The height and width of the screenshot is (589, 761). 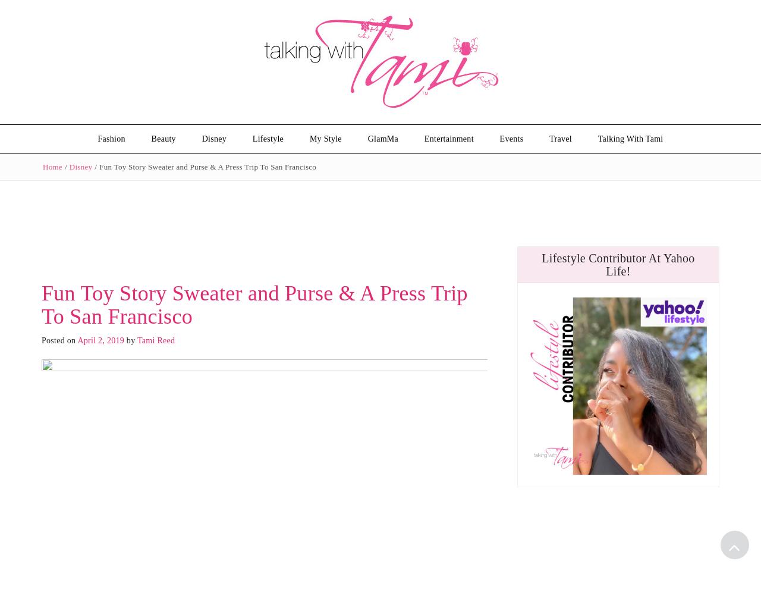 I want to click on 'Talking With Tami', so click(x=629, y=138).